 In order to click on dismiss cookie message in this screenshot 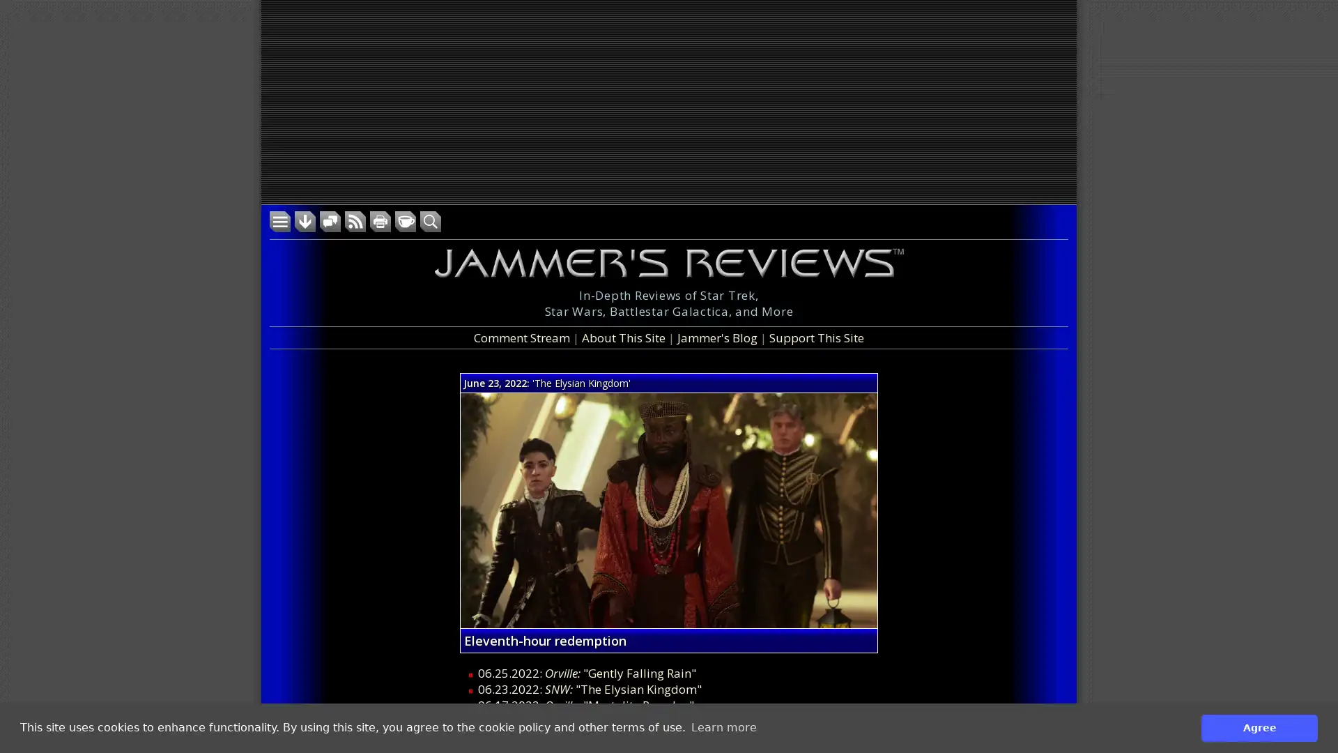, I will do `click(1259, 727)`.